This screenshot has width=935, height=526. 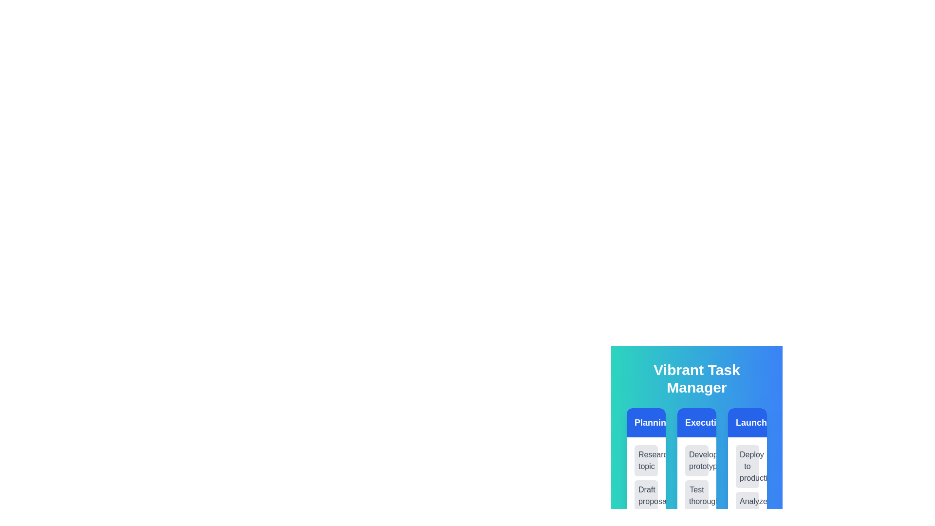 What do you see at coordinates (747, 507) in the screenshot?
I see `the 'Analyze feedback' text label, which is the second item in the 'Launch' column, located below 'Deploy to production' and above 'Add Task'` at bounding box center [747, 507].